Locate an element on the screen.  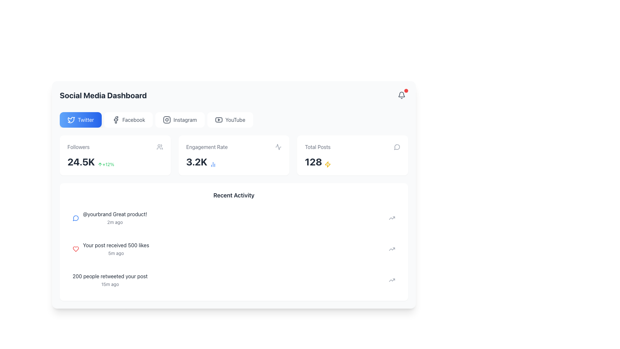
the Text Label displaying the relative time since the associated activity occurred in the 'Recent Activity' section of the social media dashboard, located in the lower-right corner following '@yourbrand Great product!' is located at coordinates (115, 222).